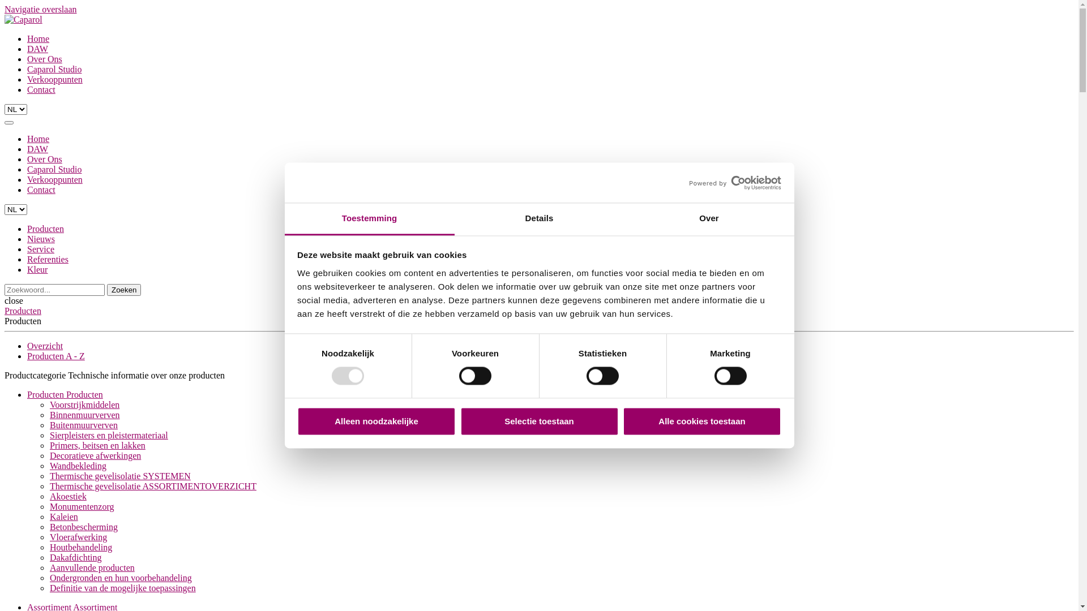 The width and height of the screenshot is (1087, 611). What do you see at coordinates (49, 567) in the screenshot?
I see `'Aanvullende producten'` at bounding box center [49, 567].